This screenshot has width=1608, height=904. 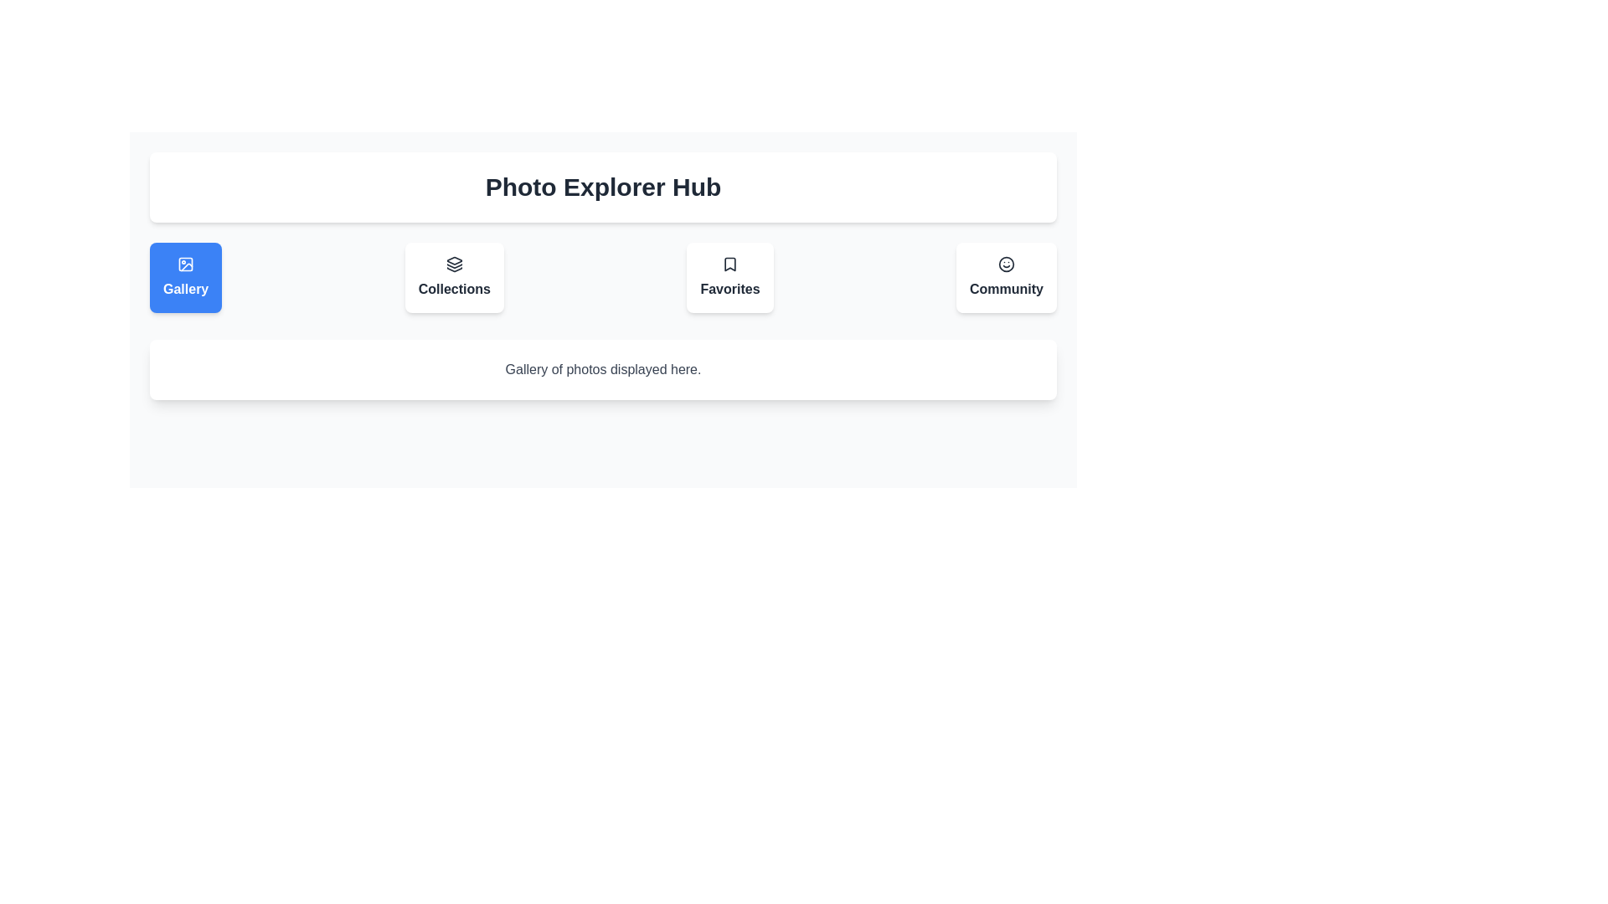 What do you see at coordinates (186, 289) in the screenshot?
I see `text label that identifies the purpose of the 'Gallery' button, which is located below the button's icon` at bounding box center [186, 289].